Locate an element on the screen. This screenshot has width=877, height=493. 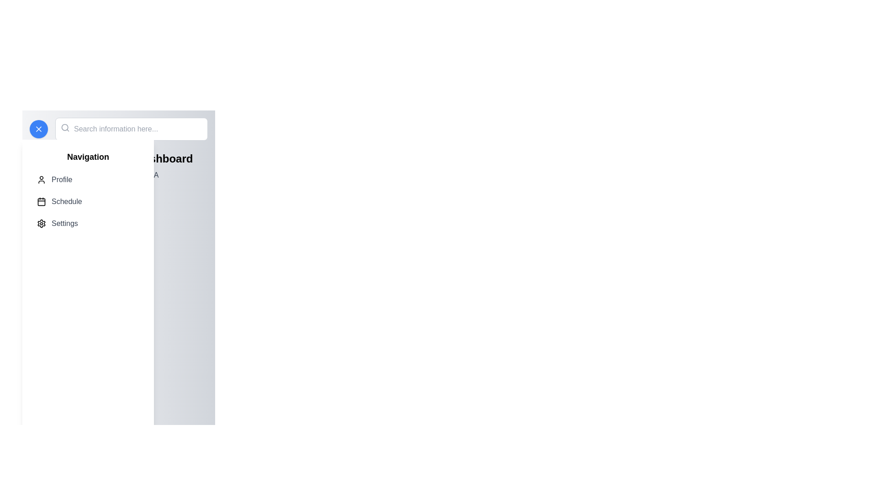
the 'Schedule' item in the vertical menu list under the 'Navigation' sidebar is located at coordinates (88, 201).